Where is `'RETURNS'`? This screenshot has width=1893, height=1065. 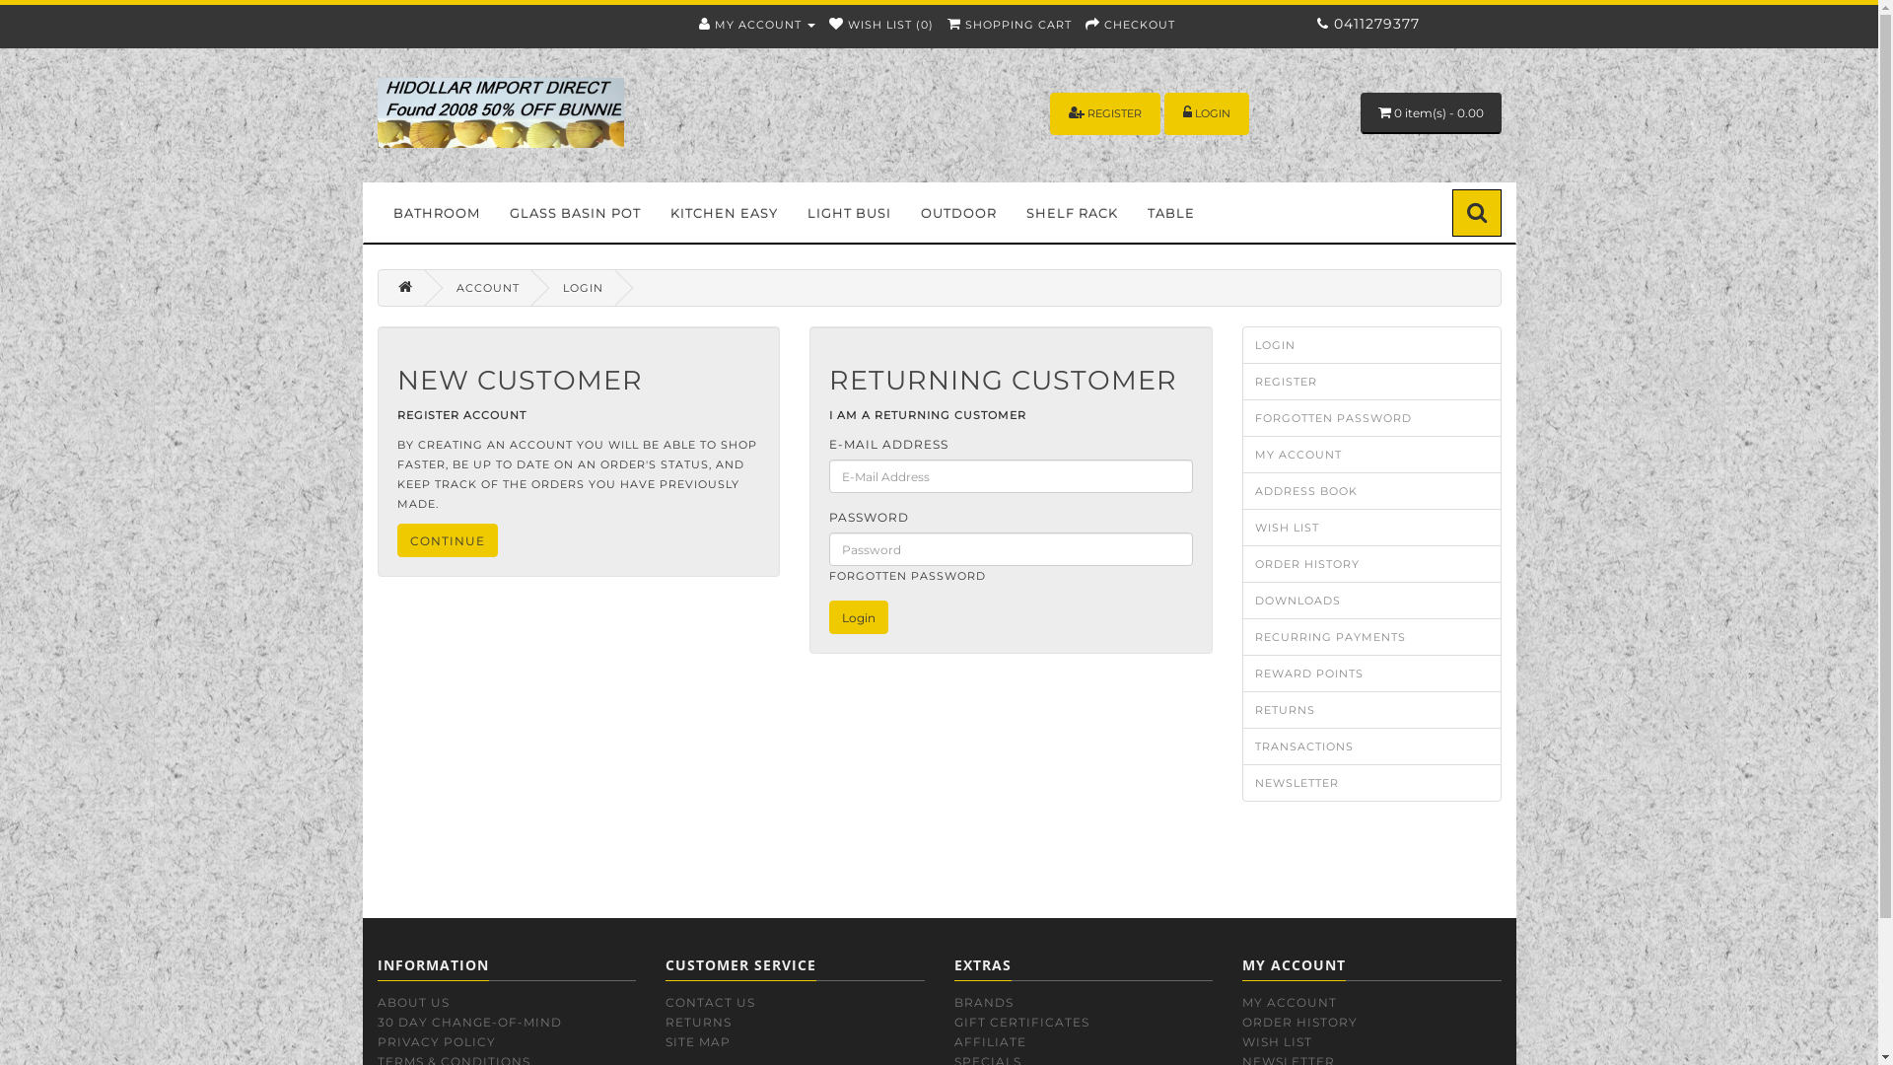
'RETURNS' is located at coordinates (666, 1021).